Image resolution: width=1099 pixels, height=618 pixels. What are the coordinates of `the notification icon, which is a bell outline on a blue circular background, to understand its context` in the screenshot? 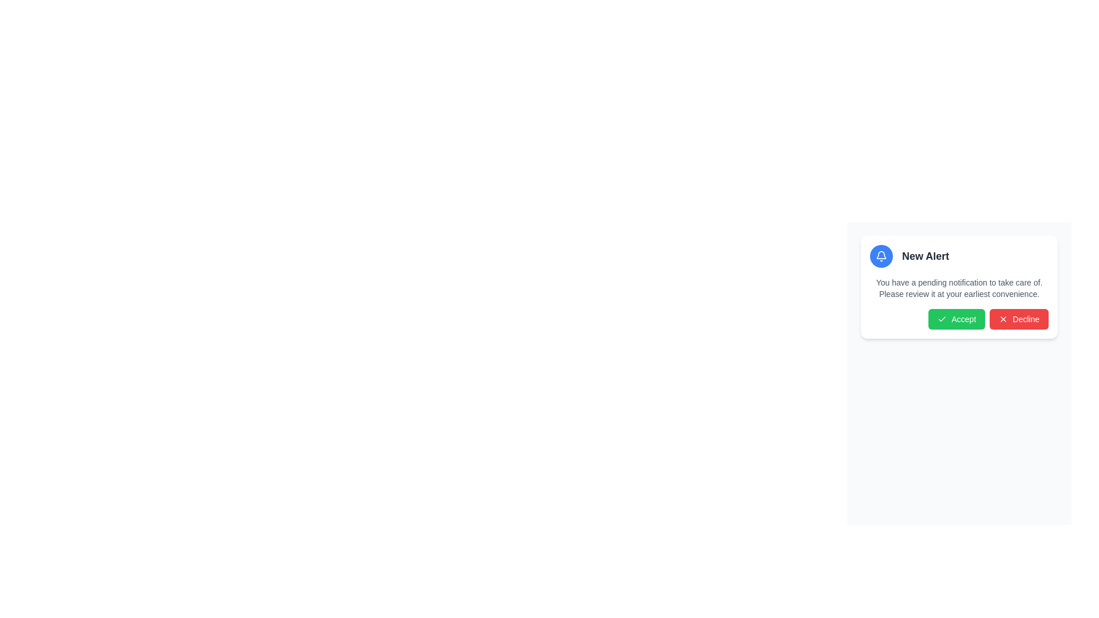 It's located at (881, 254).